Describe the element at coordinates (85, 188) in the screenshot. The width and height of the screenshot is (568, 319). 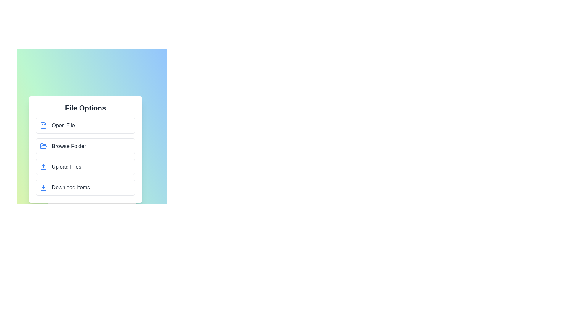
I see `the 'Download Items' option in the MultimediaMenu` at that location.